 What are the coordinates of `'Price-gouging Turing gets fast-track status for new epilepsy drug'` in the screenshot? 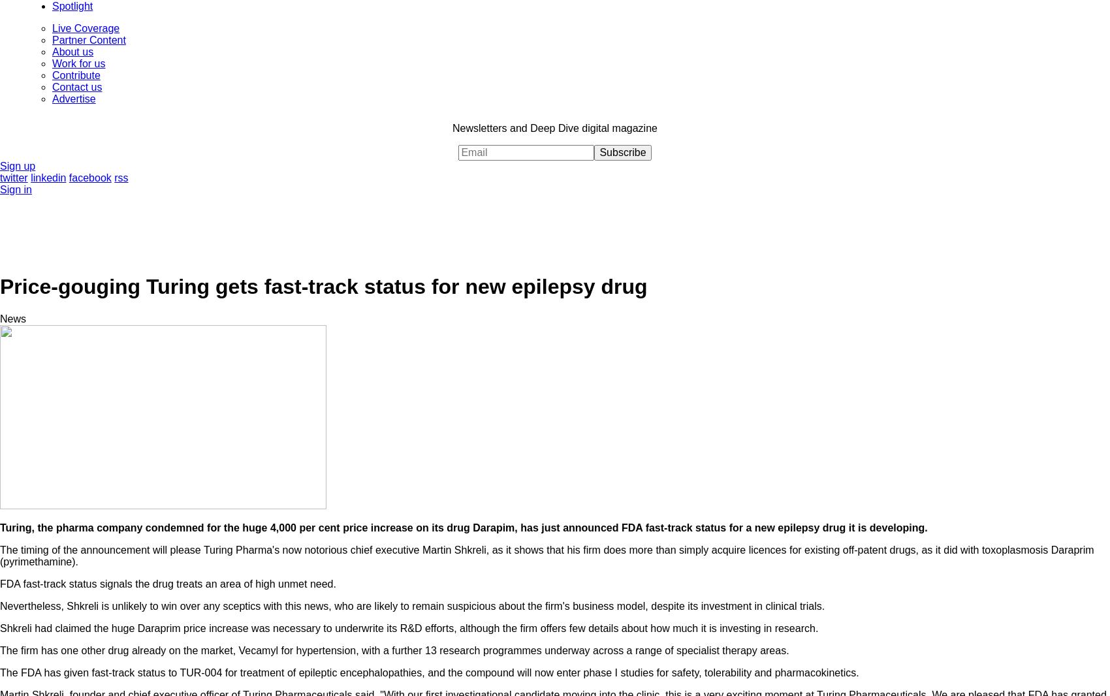 It's located at (323, 286).